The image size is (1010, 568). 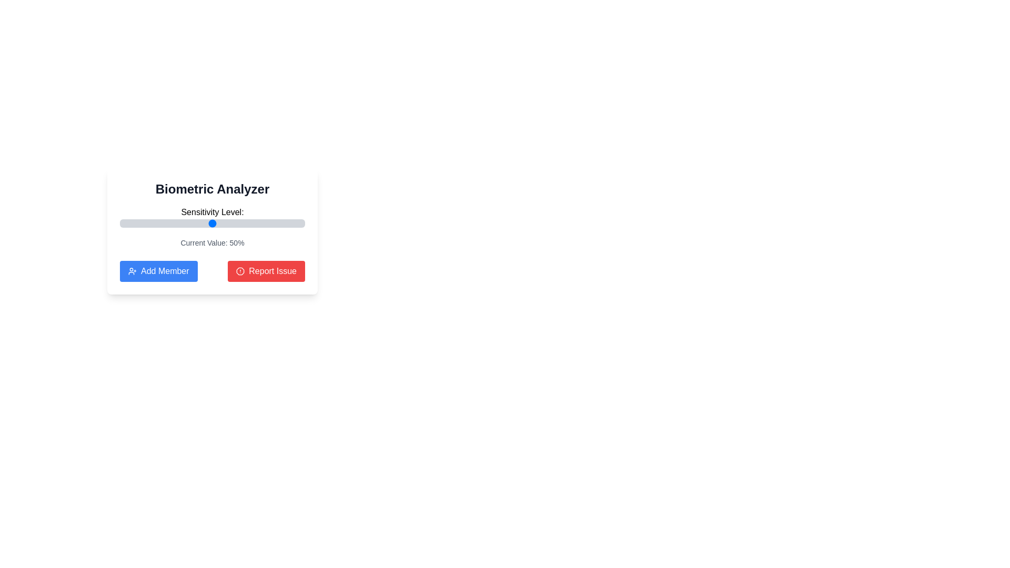 I want to click on the sensitivity level, so click(x=264, y=222).